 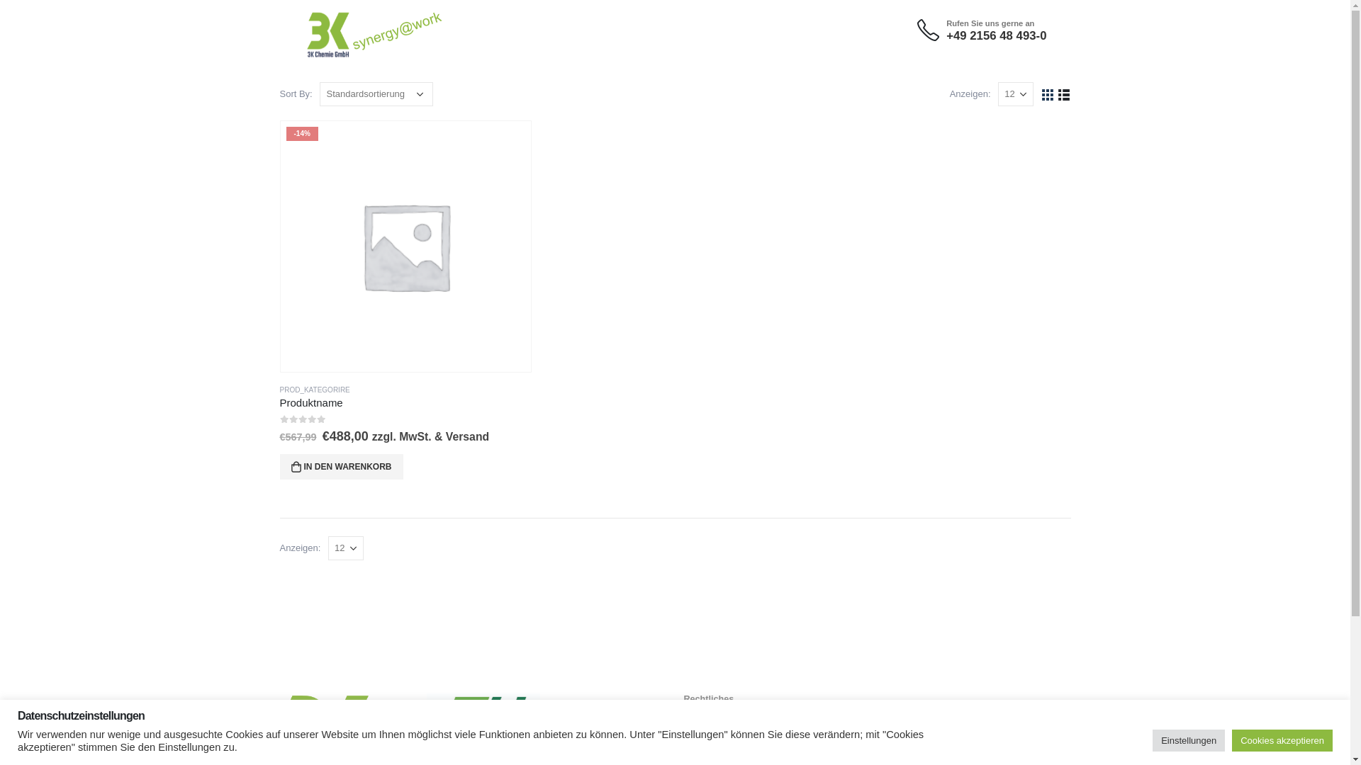 What do you see at coordinates (347, 23) in the screenshot?
I see `'3K Chemie GmbH - Kompetenz in Klebstoff & Tapes'` at bounding box center [347, 23].